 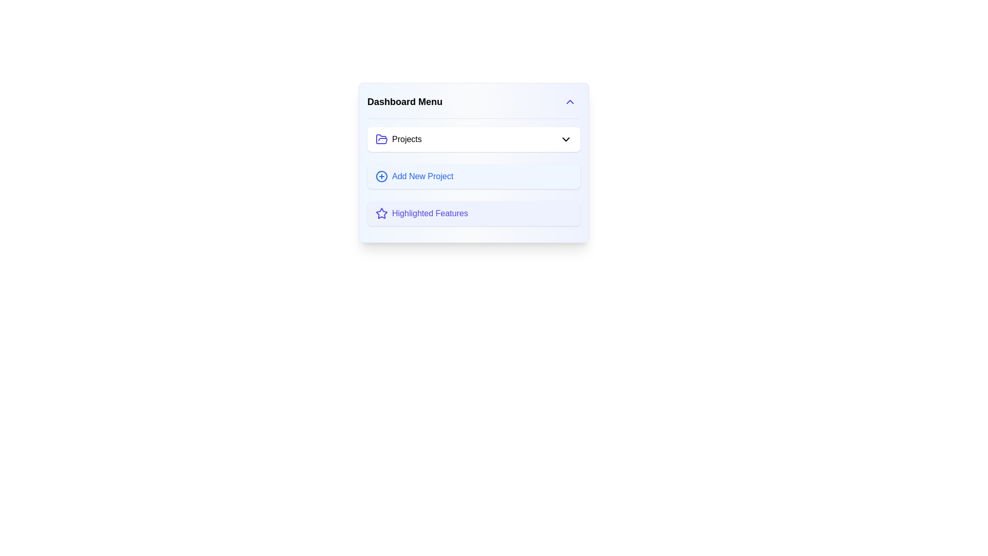 What do you see at coordinates (406, 139) in the screenshot?
I see `the Text label that indicates a section or category within the dashboard related to projects, located near the top of the vertical menu next to a folder icon` at bounding box center [406, 139].